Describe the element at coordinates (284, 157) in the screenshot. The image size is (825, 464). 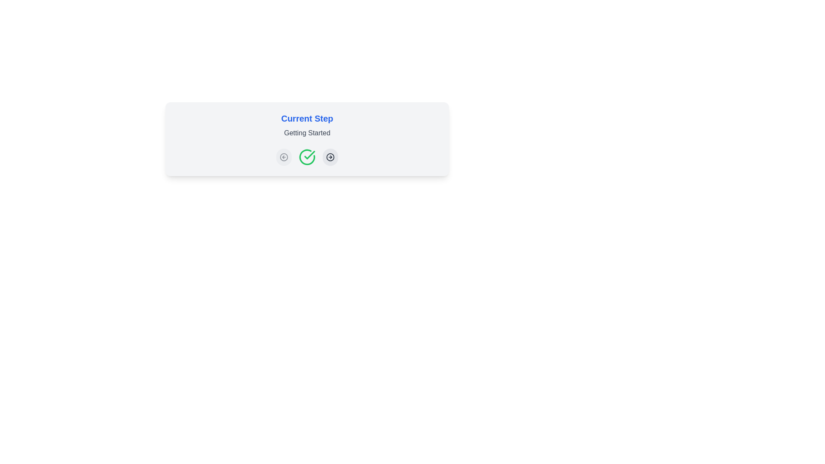
I see `the left-most circular button with a gray background and an inward-facing arrow symbol` at that location.